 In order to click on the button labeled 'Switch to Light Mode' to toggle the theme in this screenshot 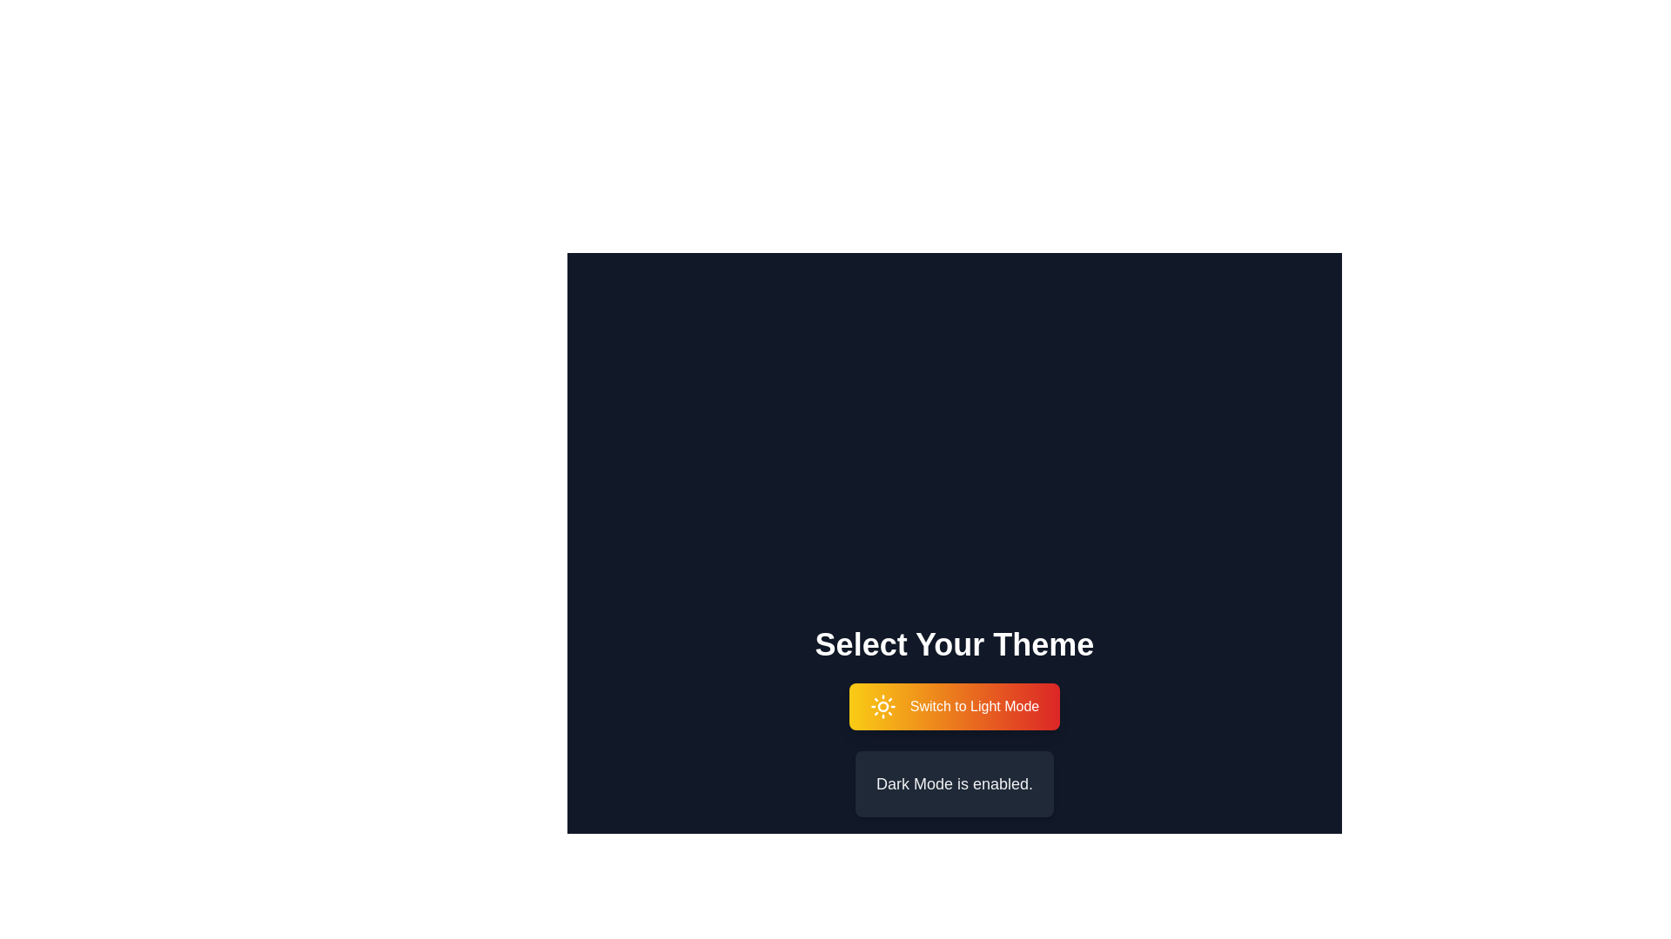, I will do `click(954, 707)`.